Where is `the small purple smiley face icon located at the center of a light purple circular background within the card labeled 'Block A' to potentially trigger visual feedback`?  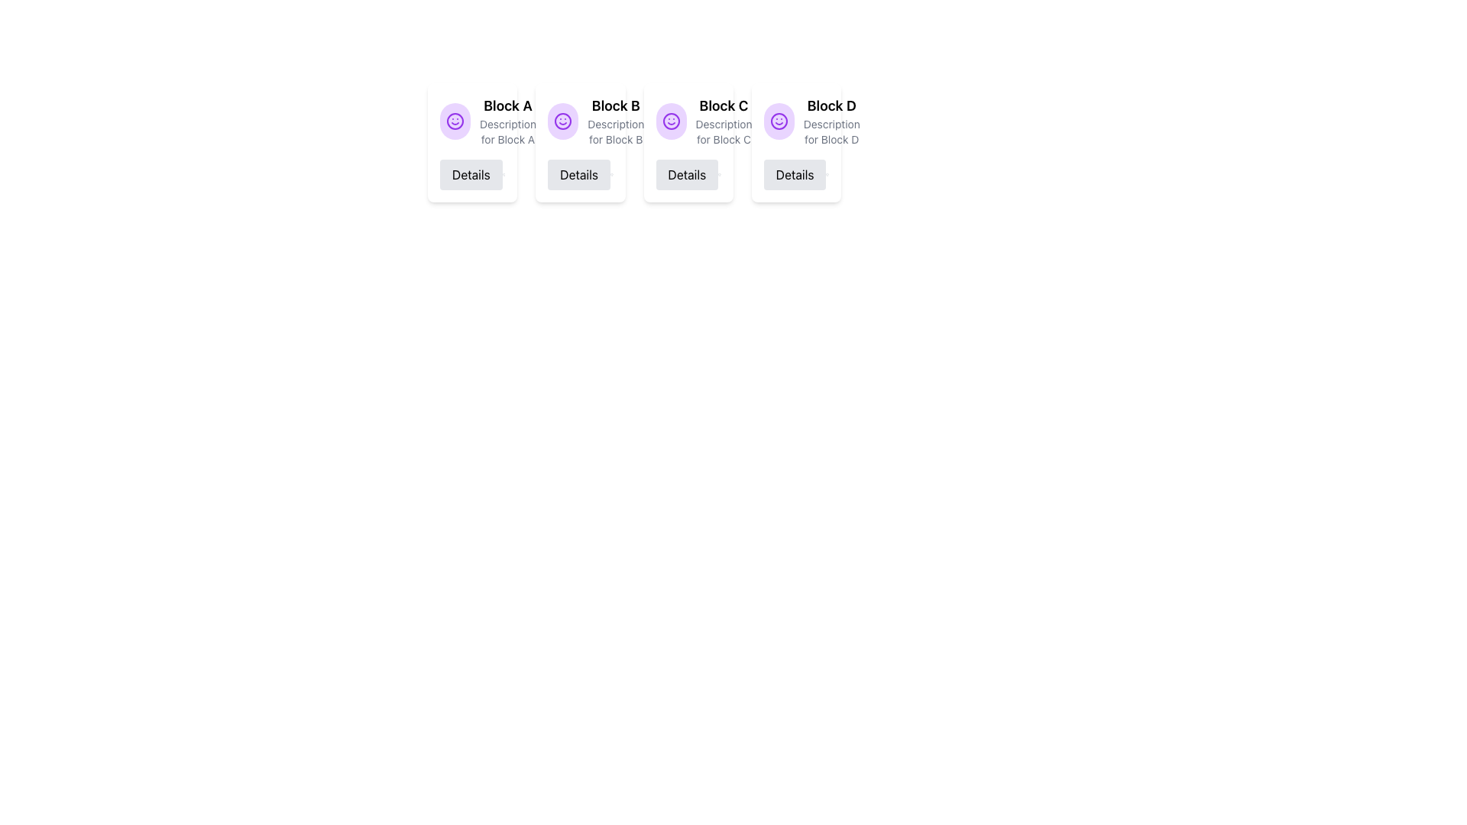
the small purple smiley face icon located at the center of a light purple circular background within the card labeled 'Block A' to potentially trigger visual feedback is located at coordinates (562, 120).